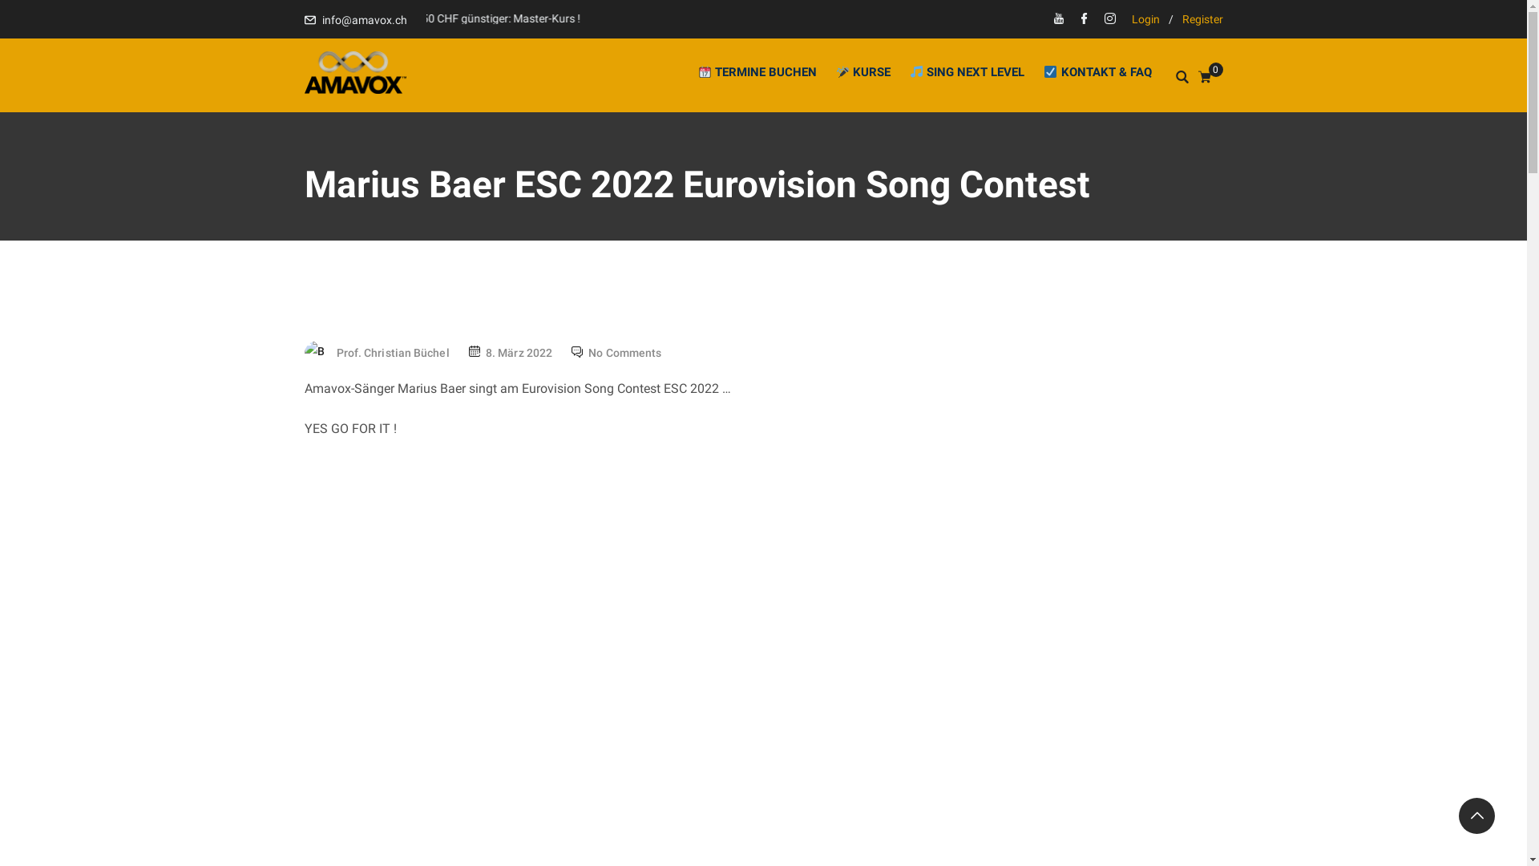 The width and height of the screenshot is (1539, 866). Describe the element at coordinates (1109, 19) in the screenshot. I see `'Insta'` at that location.